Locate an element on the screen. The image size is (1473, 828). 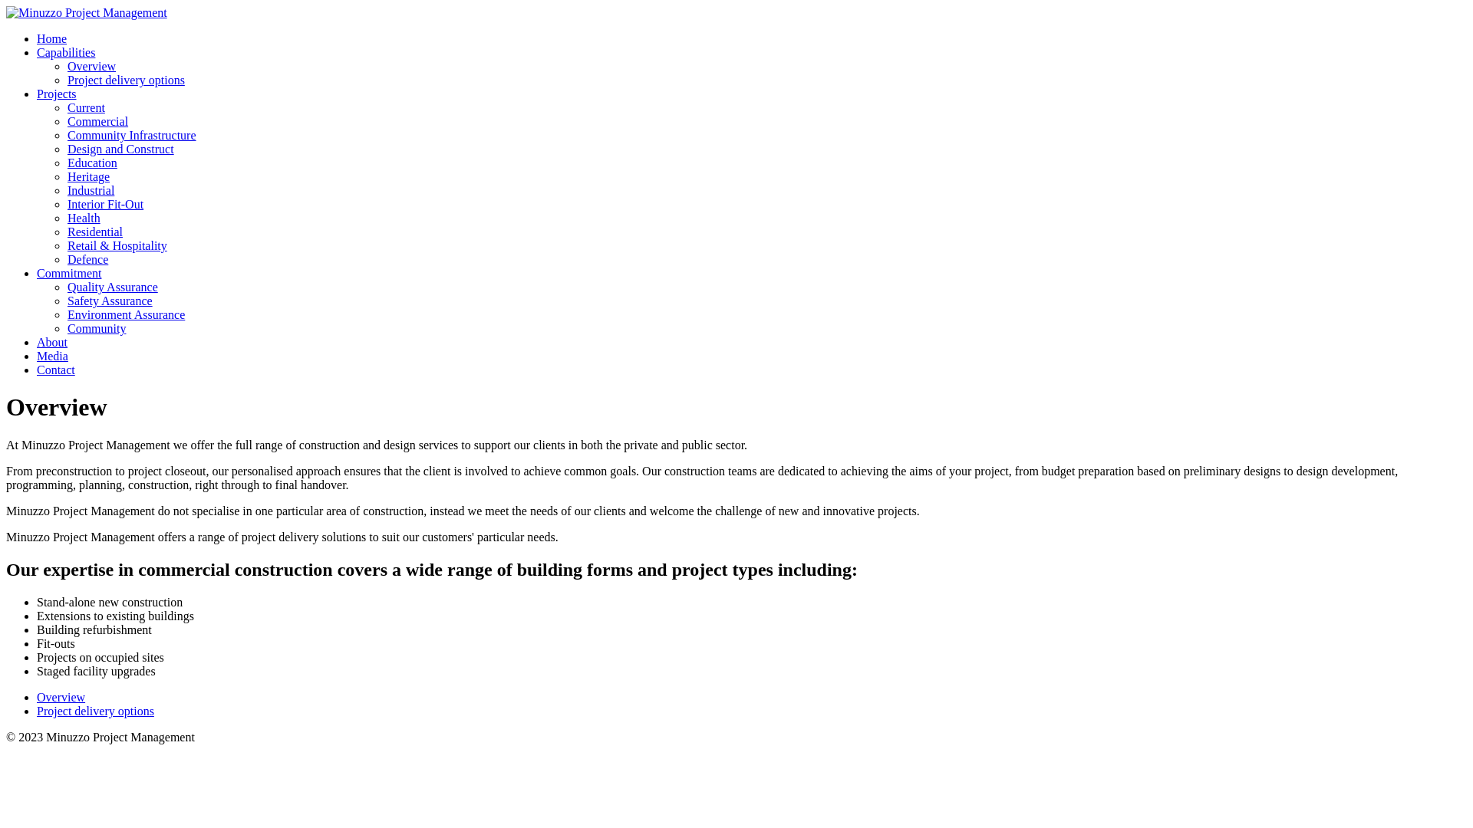
'Heritage' is located at coordinates (87, 176).